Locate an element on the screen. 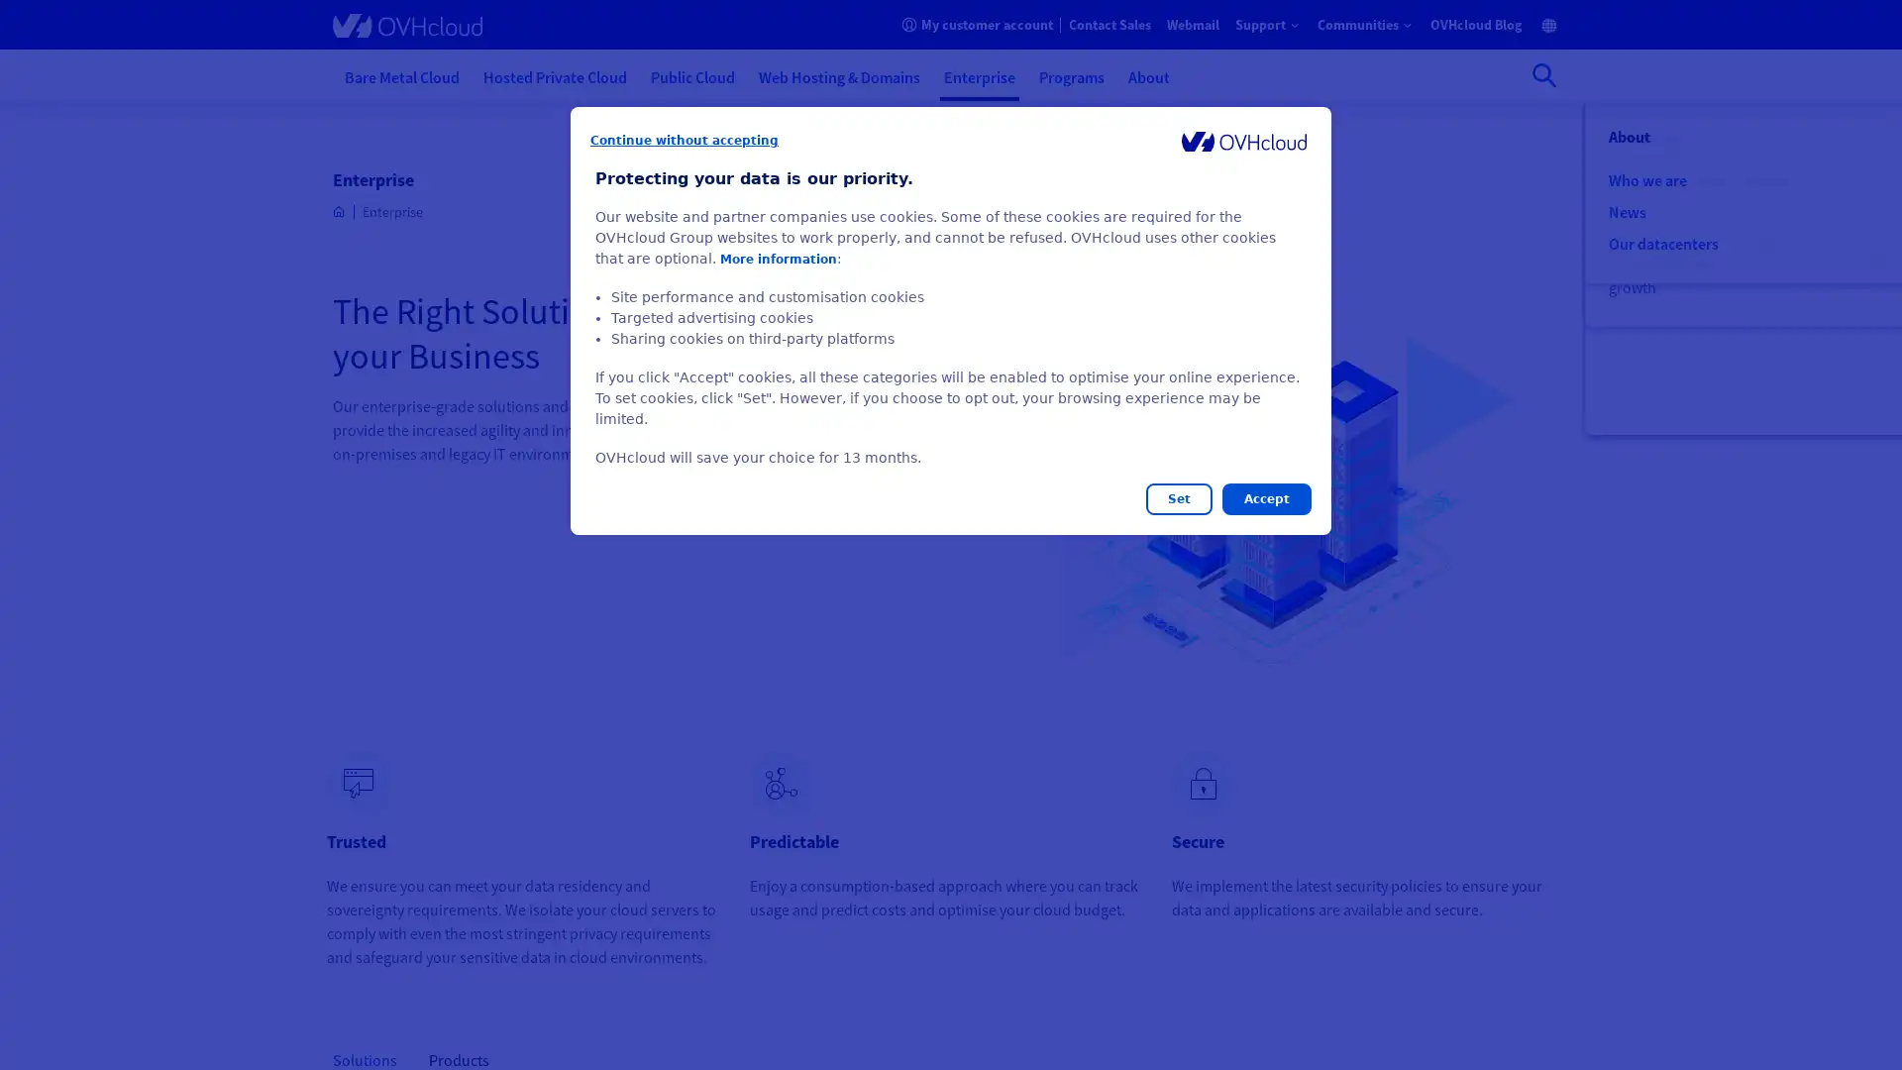  Continue without accepting is located at coordinates (685, 140).